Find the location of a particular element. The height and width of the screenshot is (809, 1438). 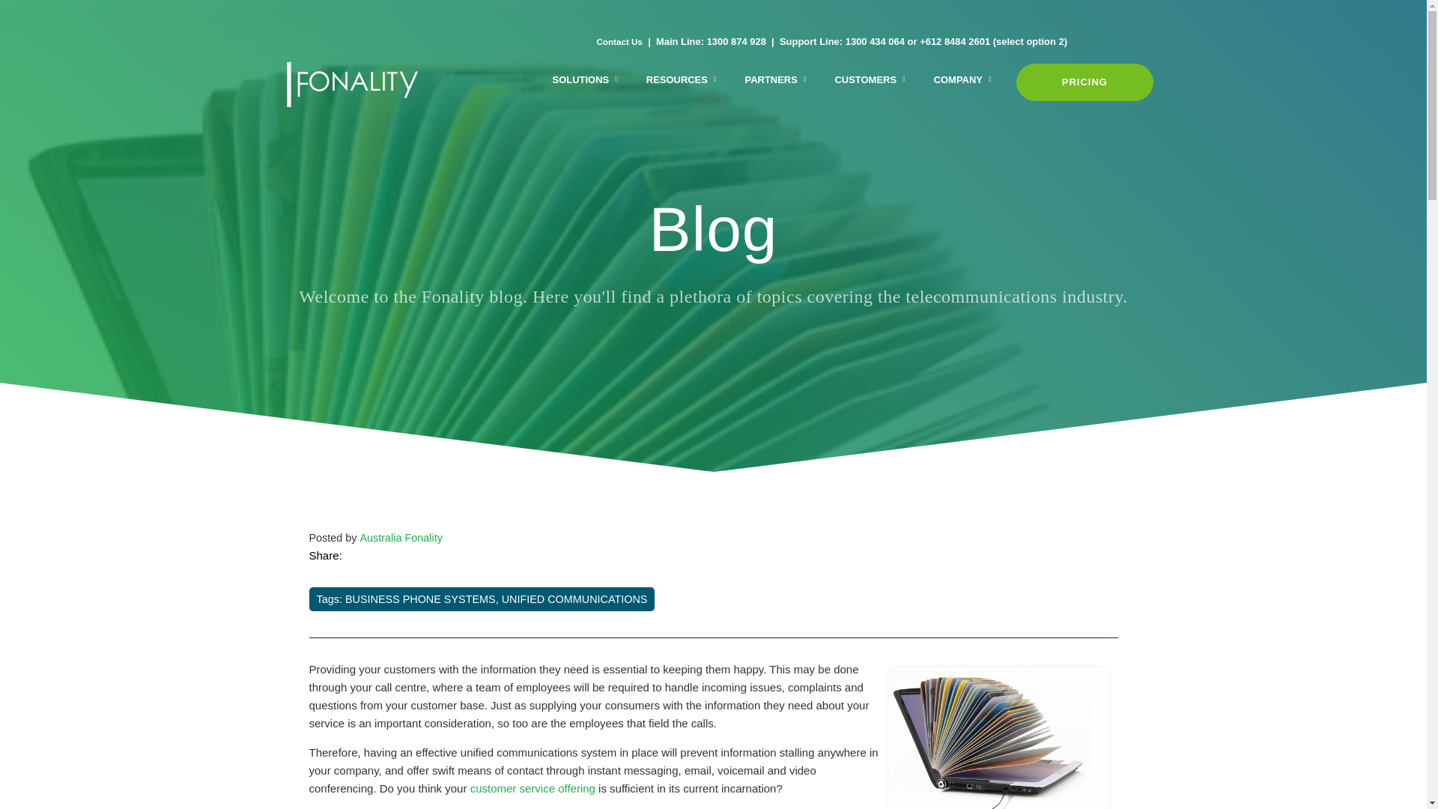

'1300 874 928' is located at coordinates (736, 40).